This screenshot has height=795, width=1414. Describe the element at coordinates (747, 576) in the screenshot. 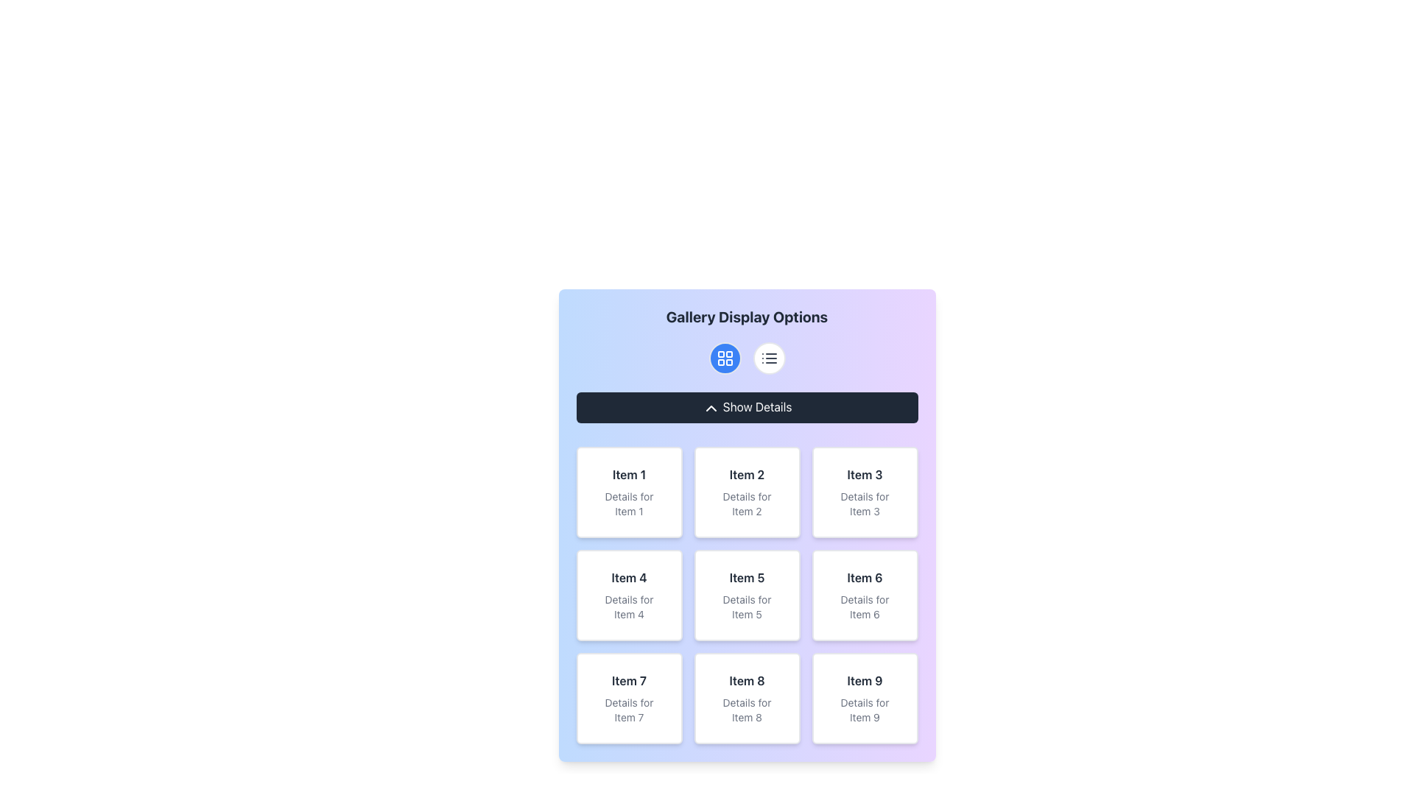

I see `the Text Label that serves as the title or identifier for the corresponding entry in the grid of items, located in the middle box of the second row` at that location.